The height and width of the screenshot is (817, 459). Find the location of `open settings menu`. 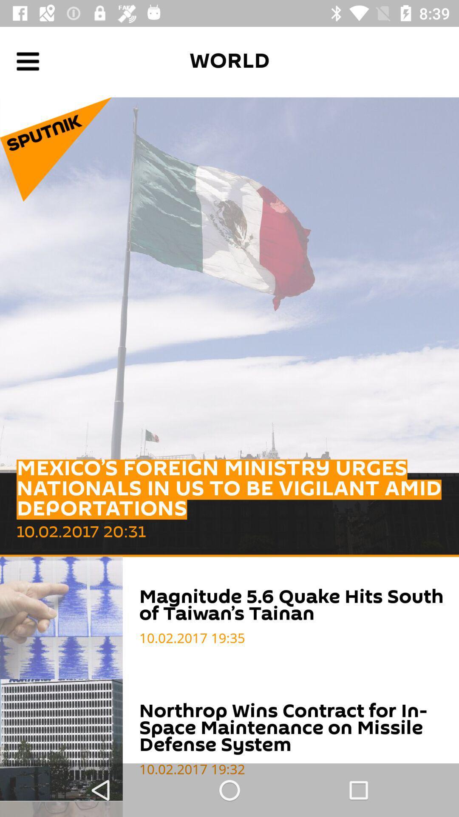

open settings menu is located at coordinates (27, 61).